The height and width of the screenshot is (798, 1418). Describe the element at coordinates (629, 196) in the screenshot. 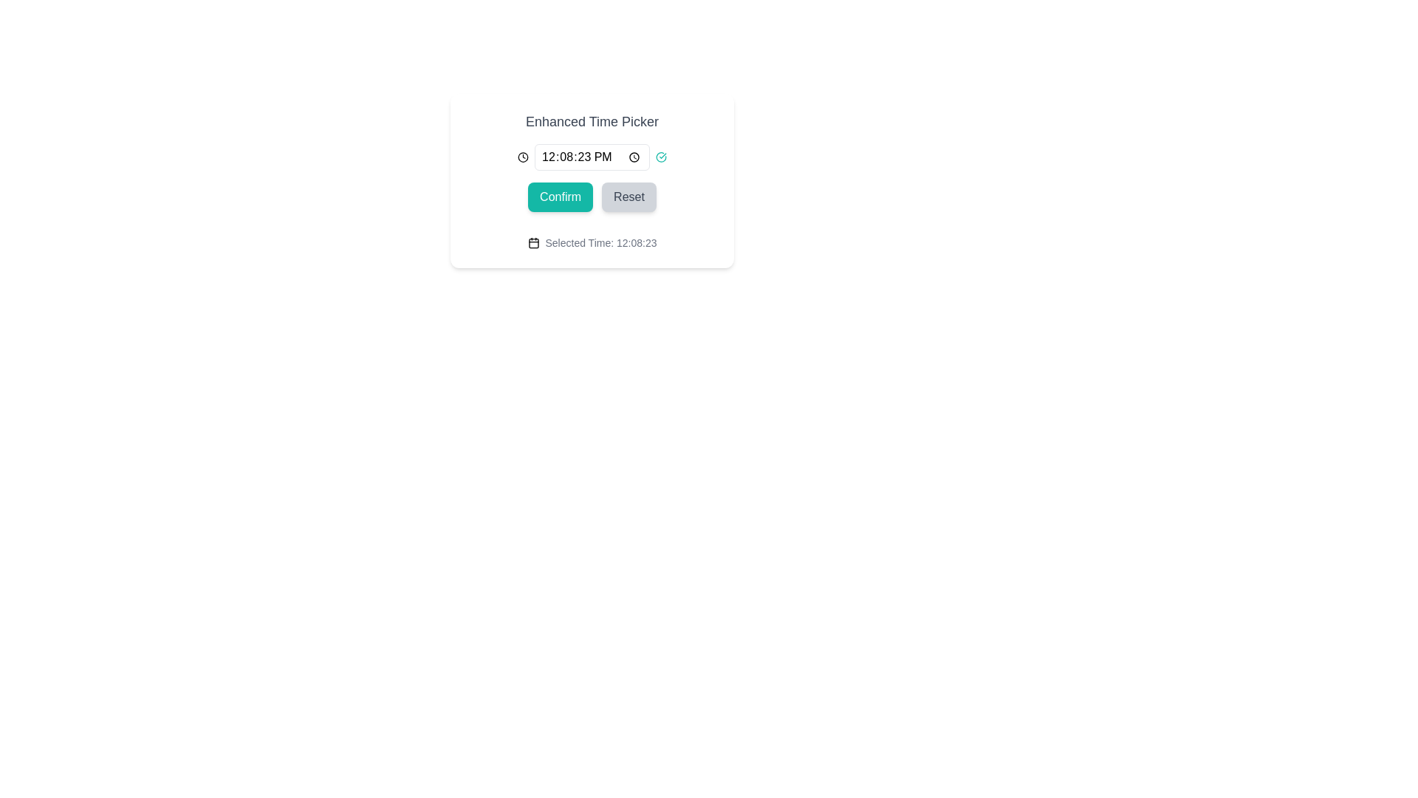

I see `the reset settings button located to the right of the 'Confirm' button in the time-selection widget to observe a background color change` at that location.